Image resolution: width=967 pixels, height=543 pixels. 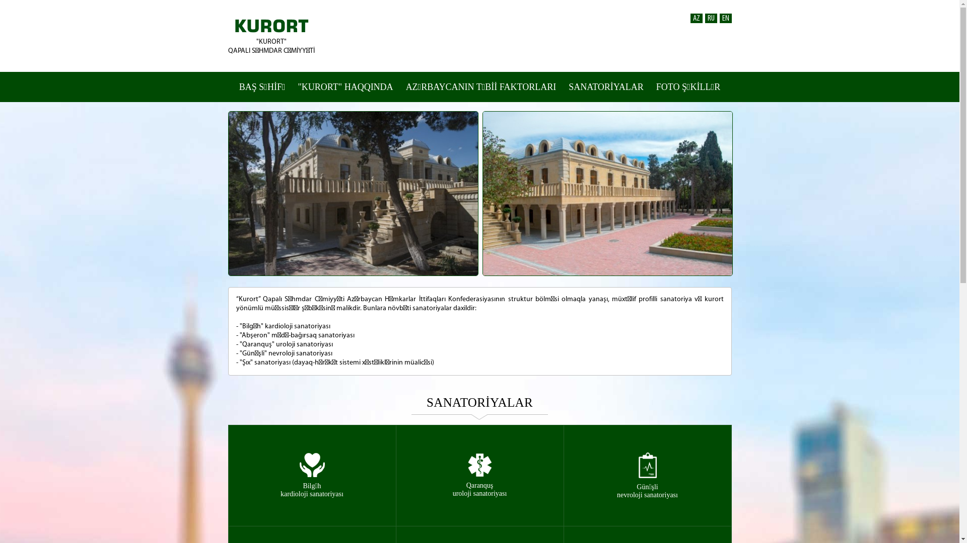 I want to click on 'EN', so click(x=725, y=18).